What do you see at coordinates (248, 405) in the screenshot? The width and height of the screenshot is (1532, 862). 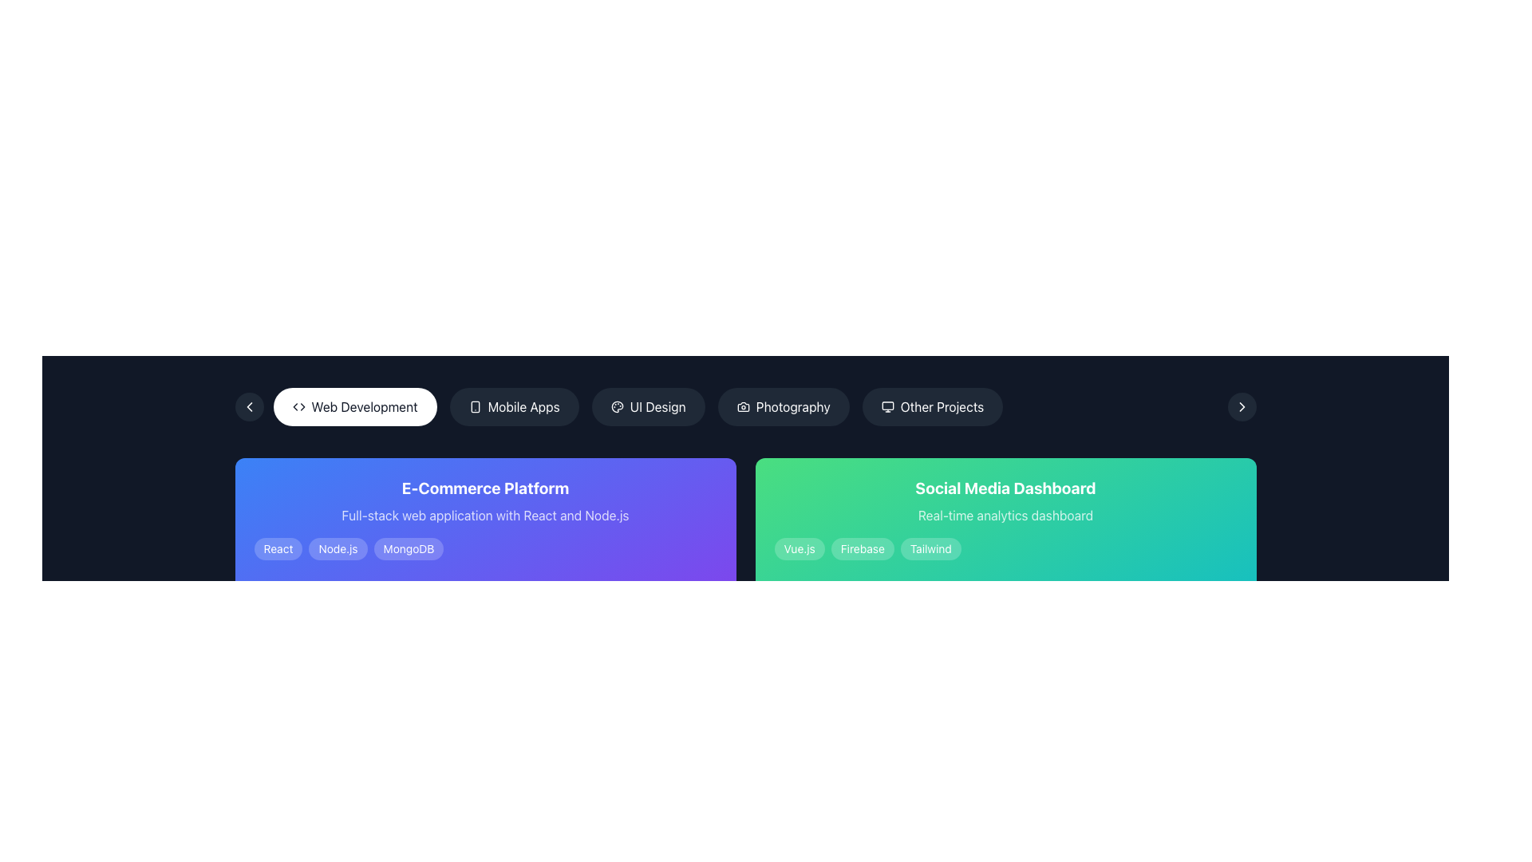 I see `the chevron left arrow icon inside the circular gray button located at the top left portion of the interface` at bounding box center [248, 405].